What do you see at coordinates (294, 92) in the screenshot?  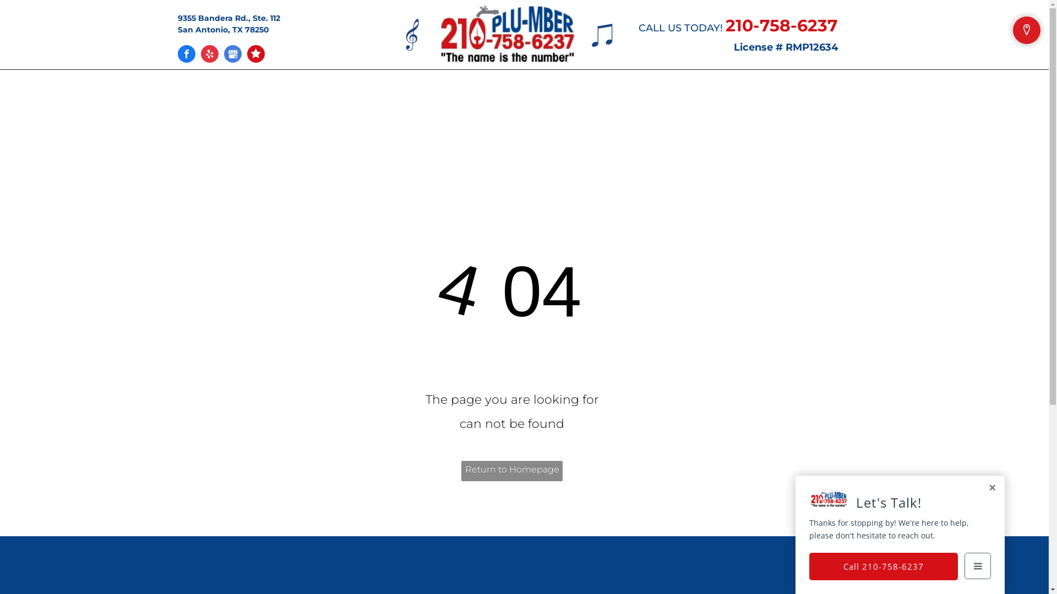 I see `'Home'` at bounding box center [294, 92].